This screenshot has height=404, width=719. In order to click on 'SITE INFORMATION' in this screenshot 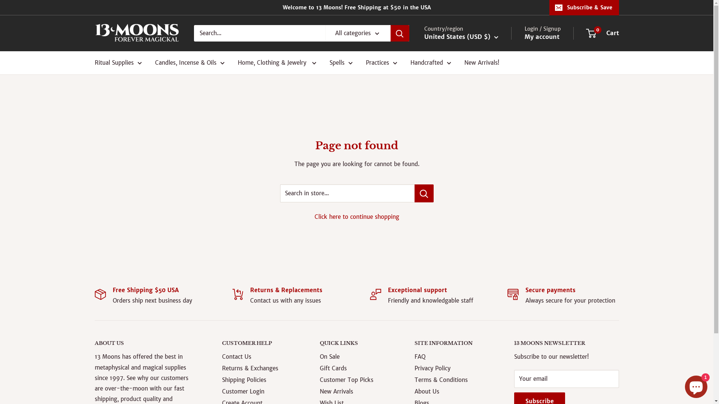, I will do `click(414, 343)`.